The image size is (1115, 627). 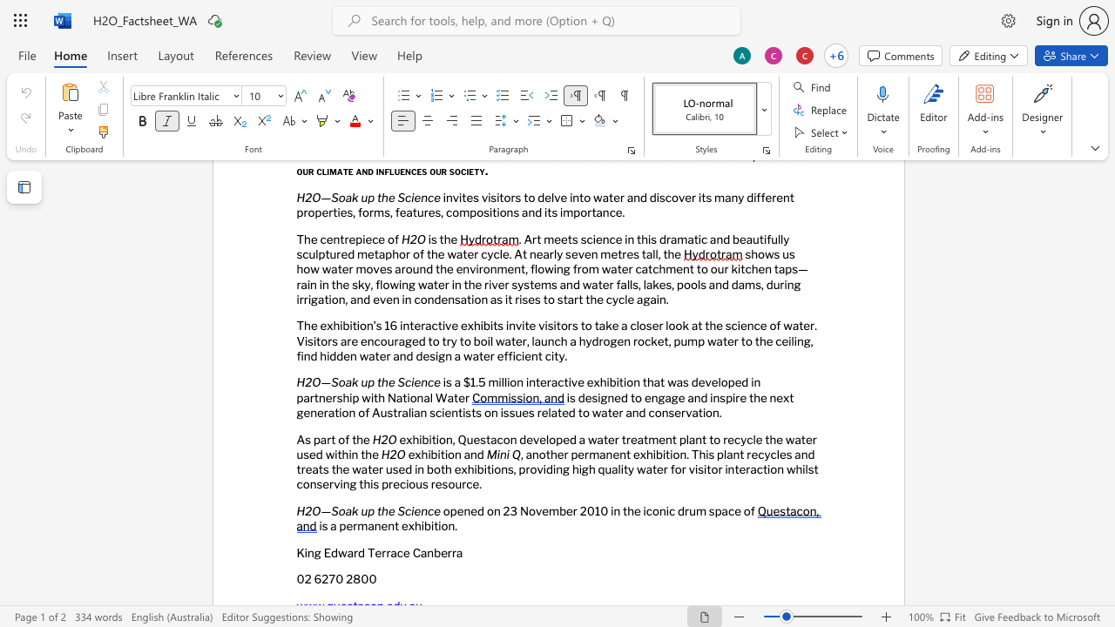 What do you see at coordinates (403, 381) in the screenshot?
I see `the space between the continuous character "S" and "c" in the text` at bounding box center [403, 381].